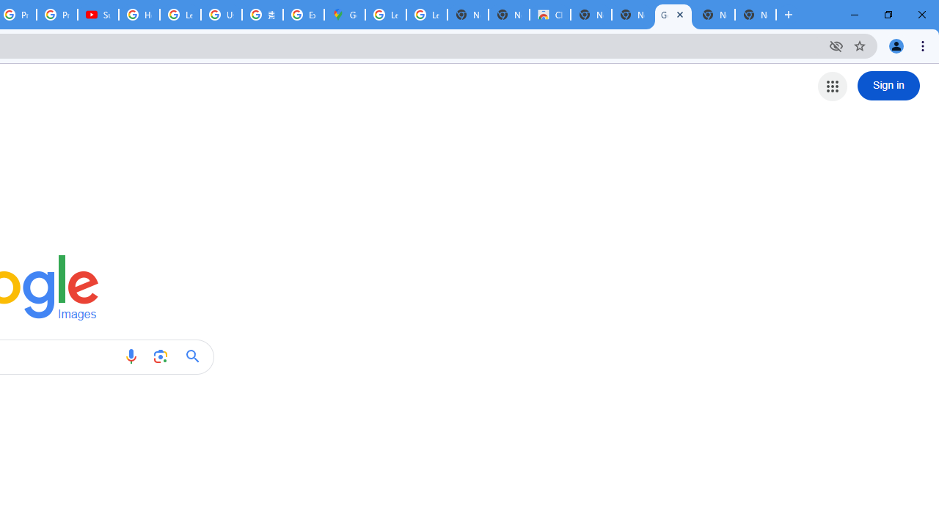 The height and width of the screenshot is (528, 939). Describe the element at coordinates (139, 15) in the screenshot. I see `'How Chrome protects your passwords - Google Chrome Help'` at that location.